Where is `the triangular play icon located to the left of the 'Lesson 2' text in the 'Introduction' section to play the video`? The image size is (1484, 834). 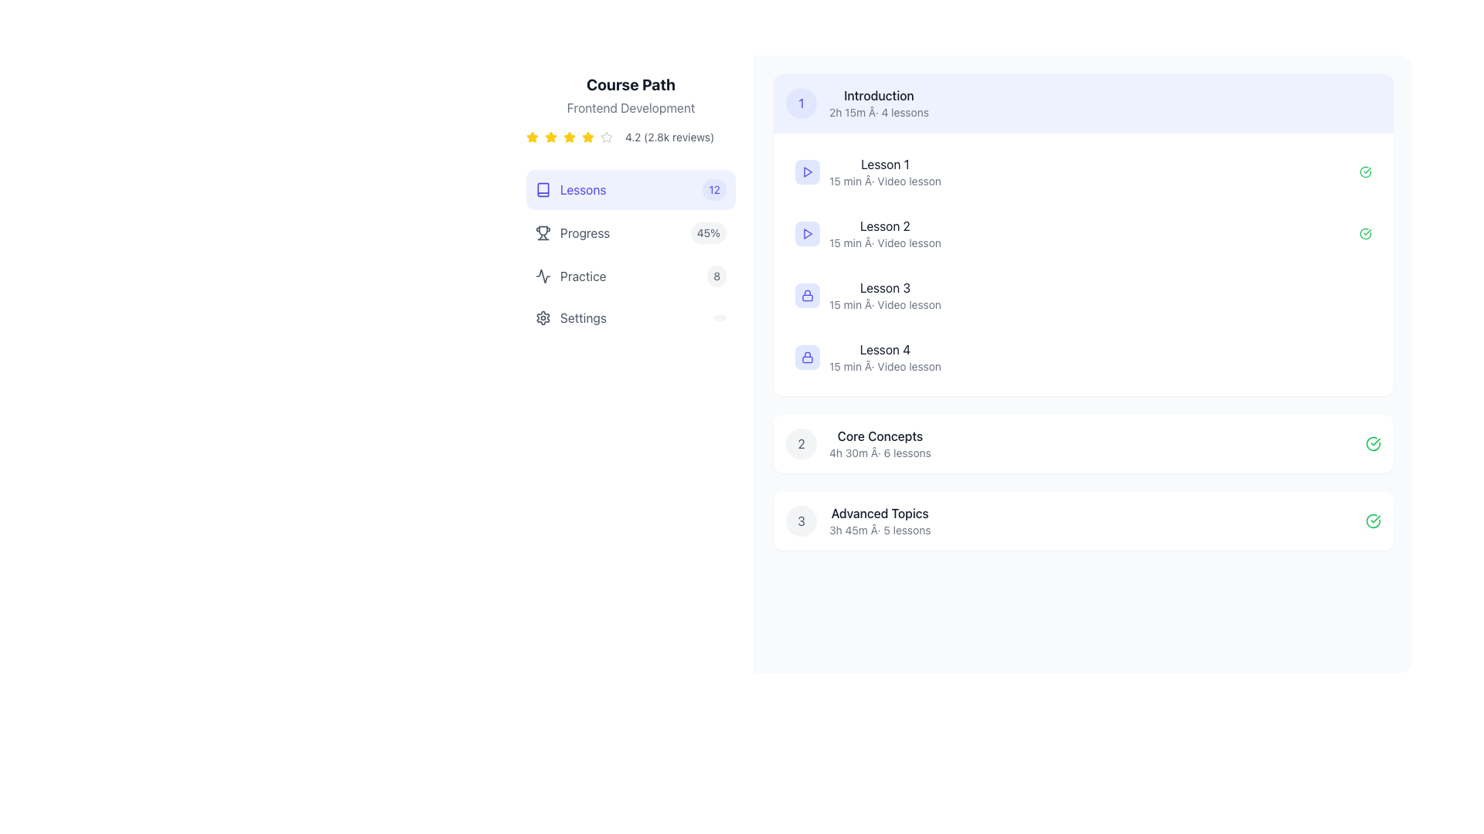
the triangular play icon located to the left of the 'Lesson 2' text in the 'Introduction' section to play the video is located at coordinates (807, 234).